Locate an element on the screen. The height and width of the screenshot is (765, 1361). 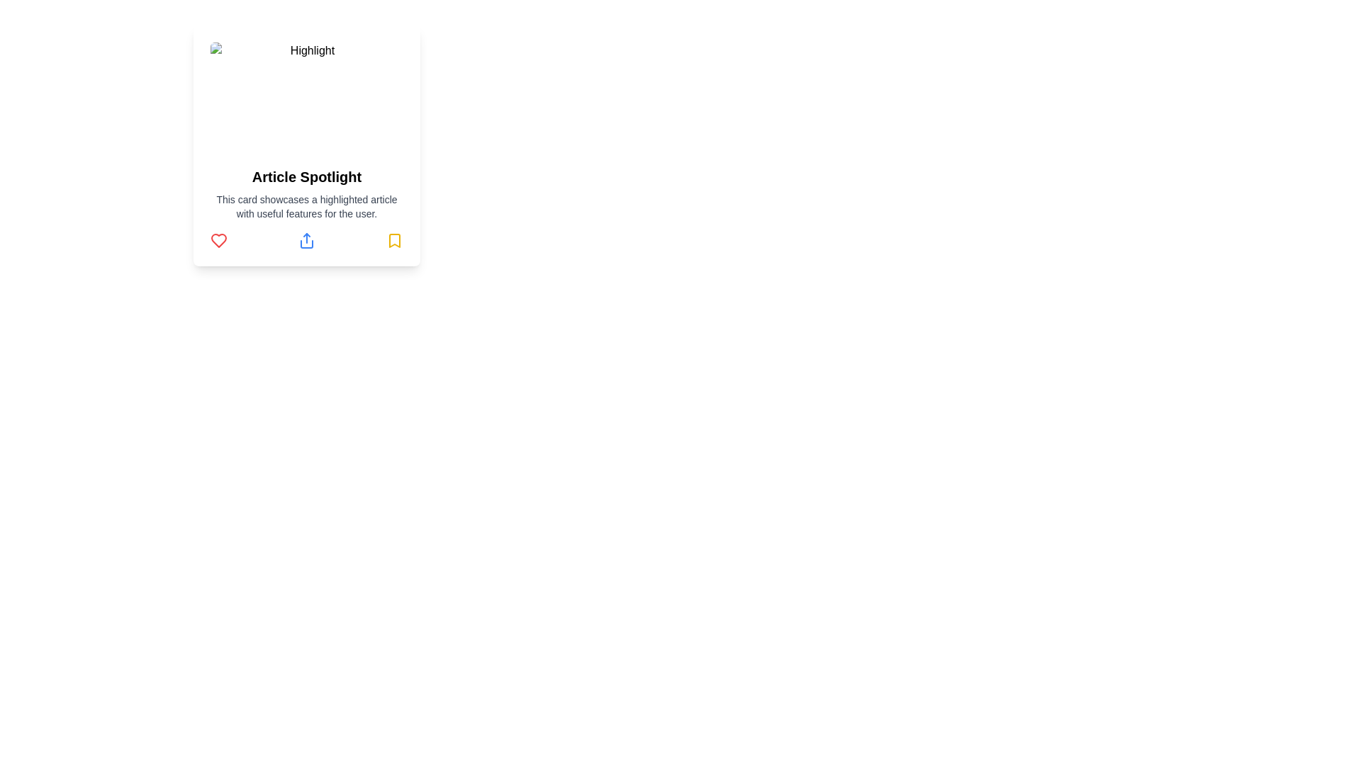
the yellow bookmark icon button, which is the rightmost icon in a horizontal row below the 'Article Spotlight' card is located at coordinates (394, 239).